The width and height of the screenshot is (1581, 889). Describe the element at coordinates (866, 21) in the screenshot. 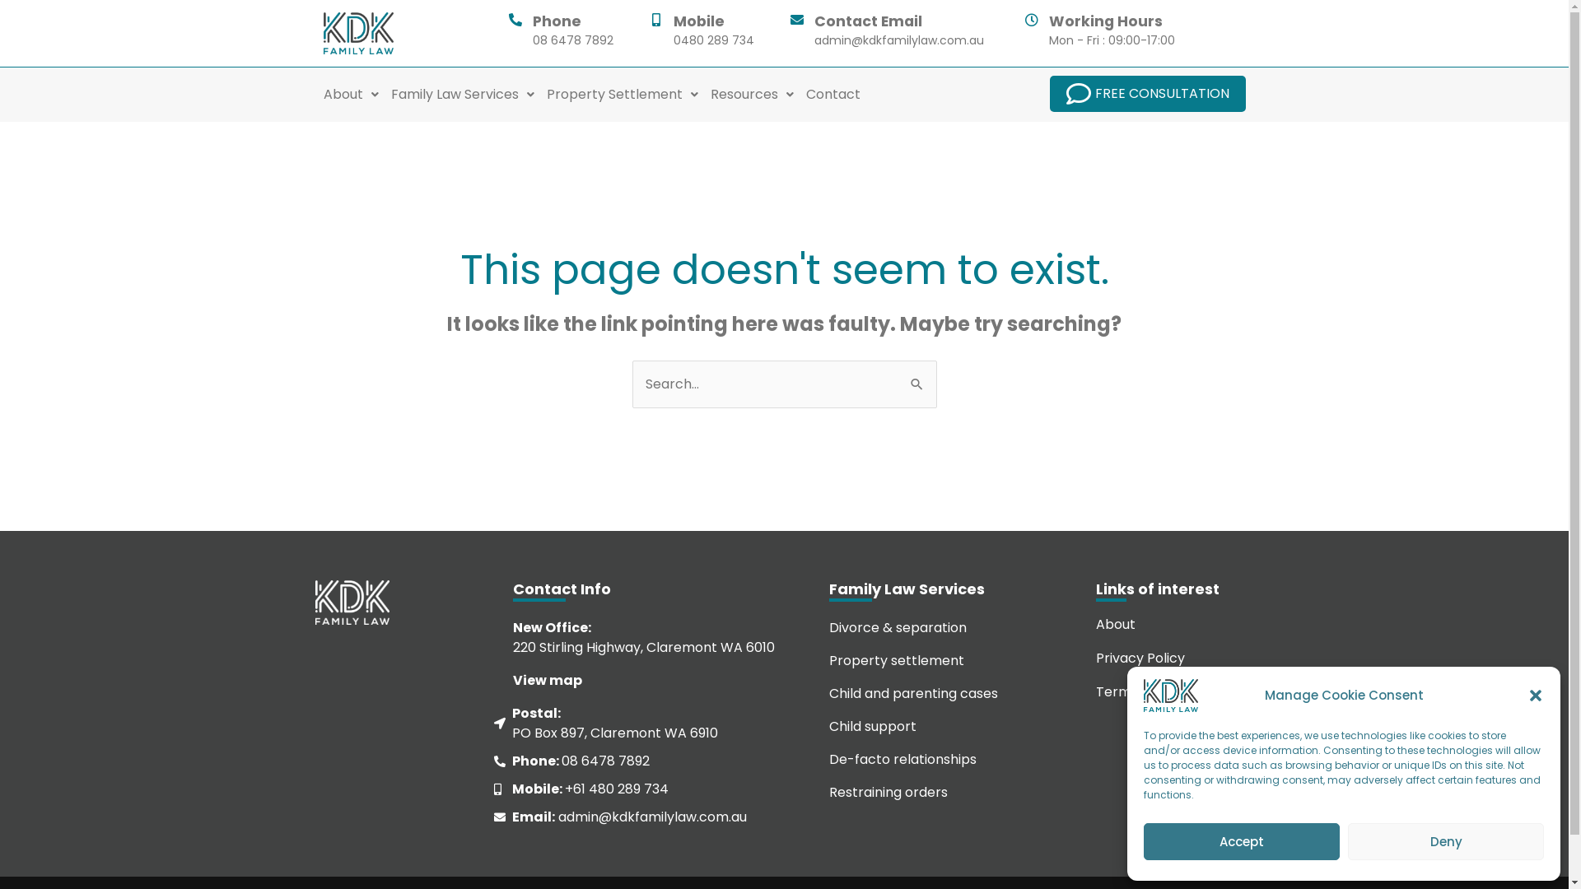

I see `'Contact Email'` at that location.